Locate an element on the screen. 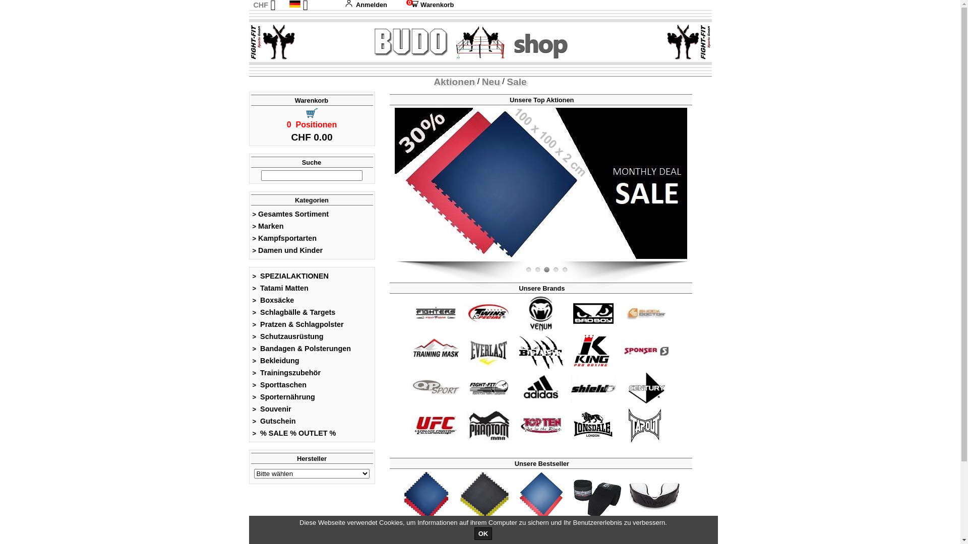  'Sale' is located at coordinates (516, 81).